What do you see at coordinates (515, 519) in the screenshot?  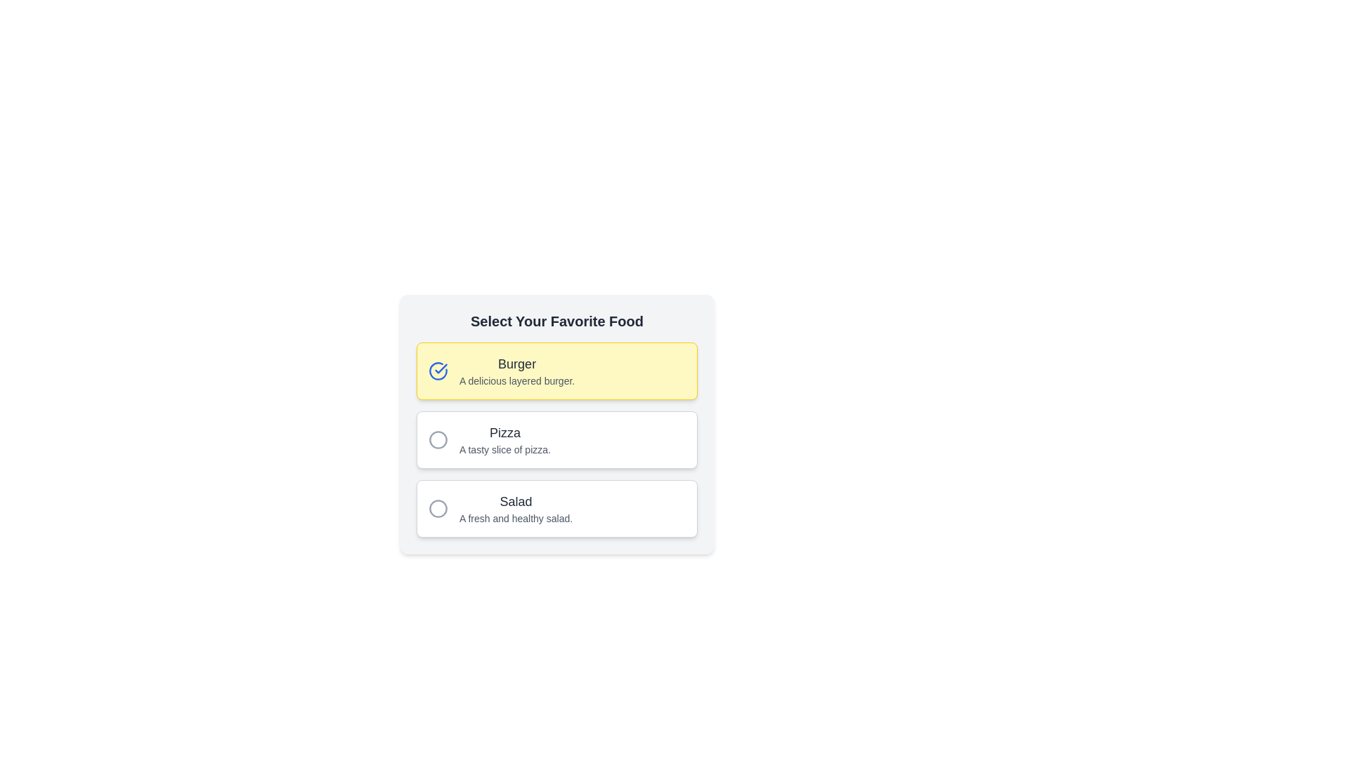 I see `the text description element styled in a smaller font size and gray color, located directly below the bold header 'Salad' in the third card of the food options list` at bounding box center [515, 519].